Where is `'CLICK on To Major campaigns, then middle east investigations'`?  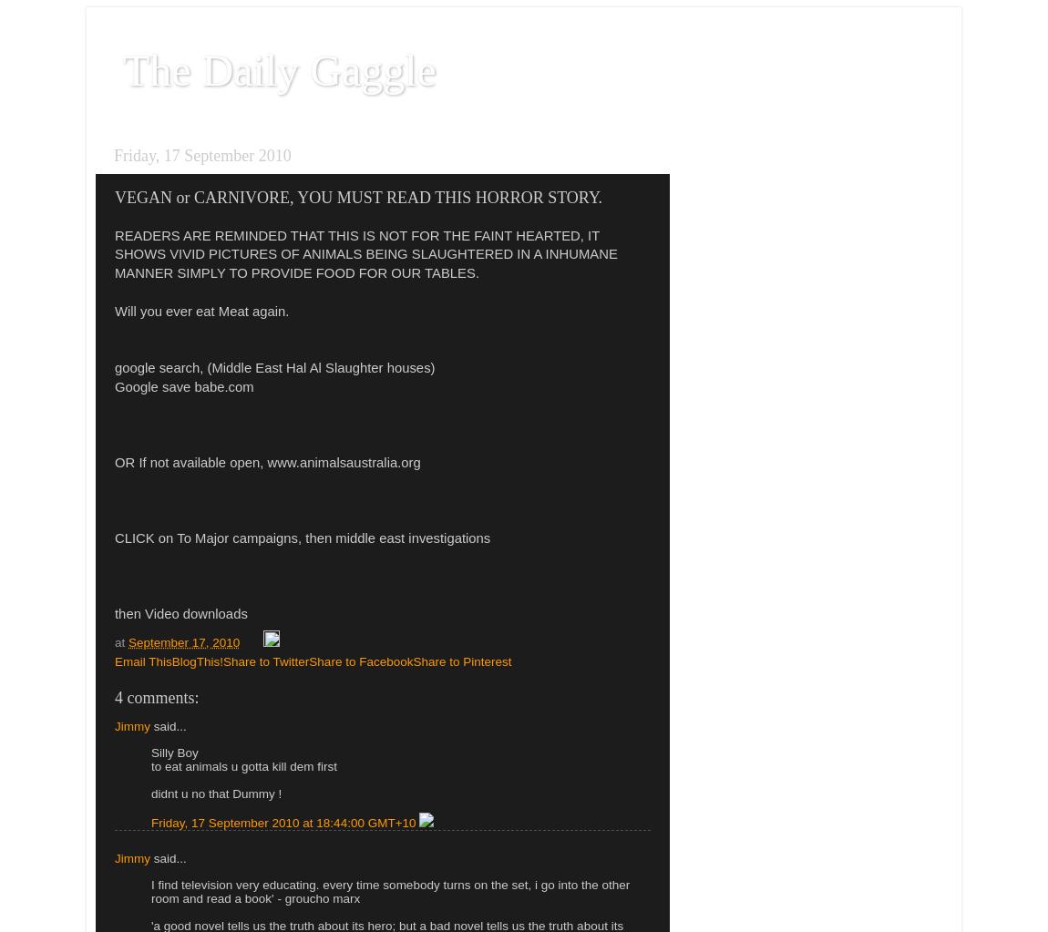
'CLICK on To Major campaigns, then middle east investigations' is located at coordinates (303, 538).